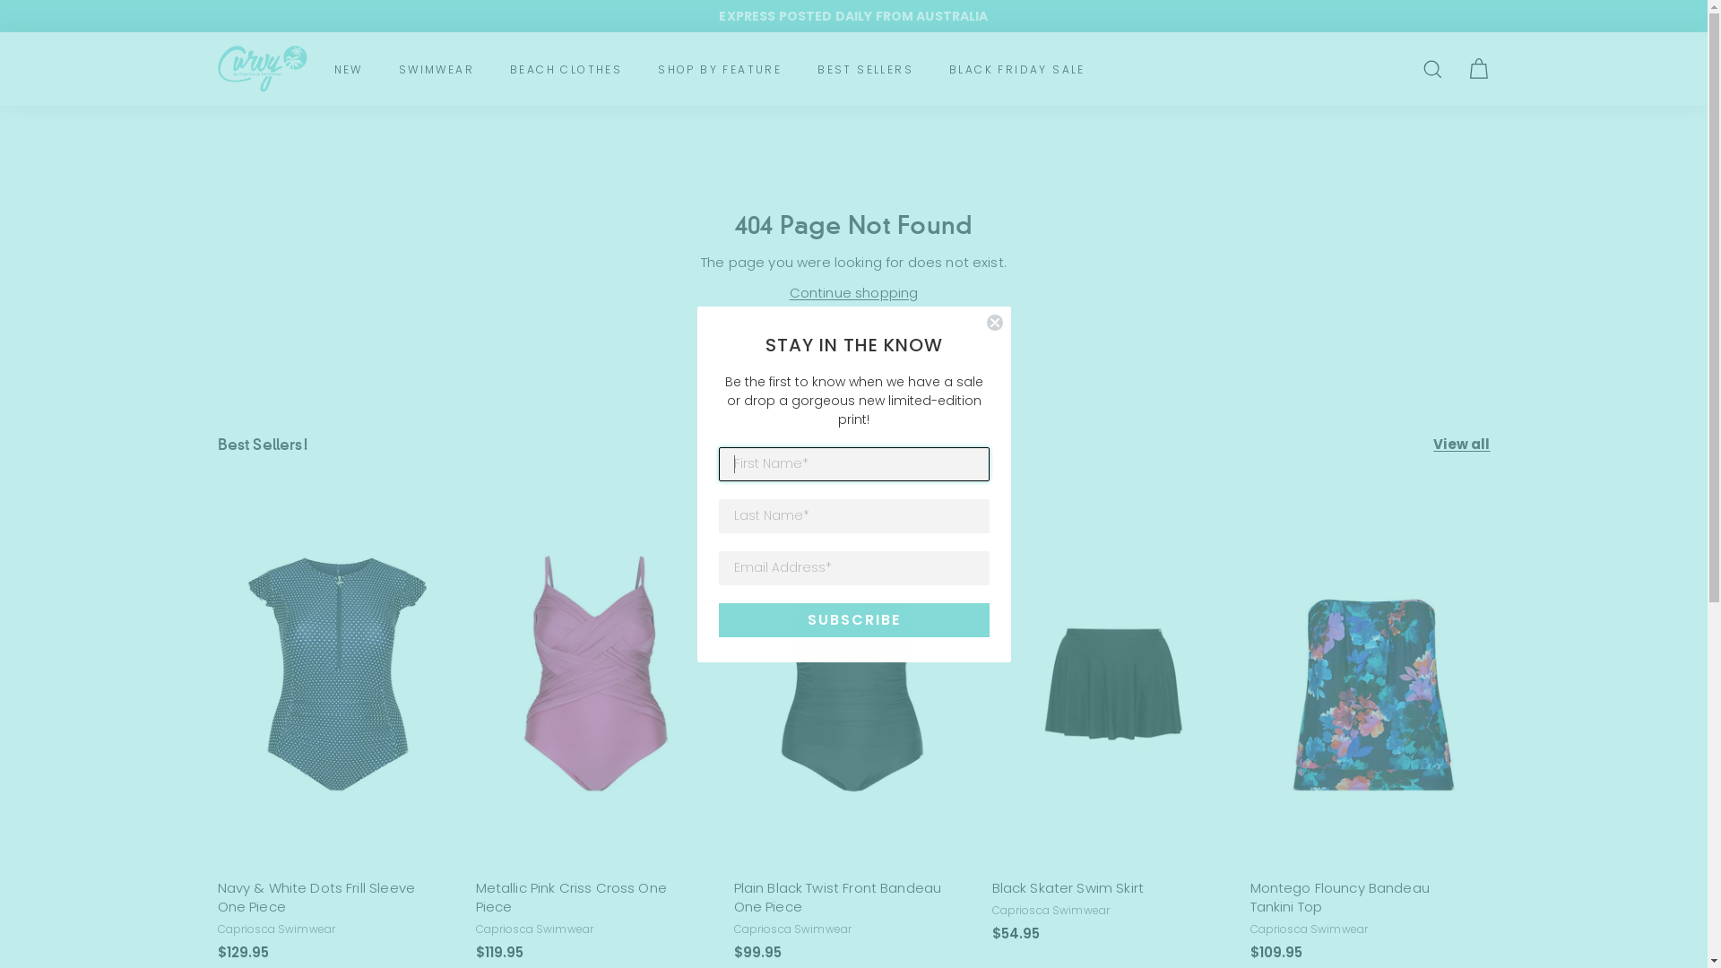  I want to click on 'NEW', so click(348, 68).